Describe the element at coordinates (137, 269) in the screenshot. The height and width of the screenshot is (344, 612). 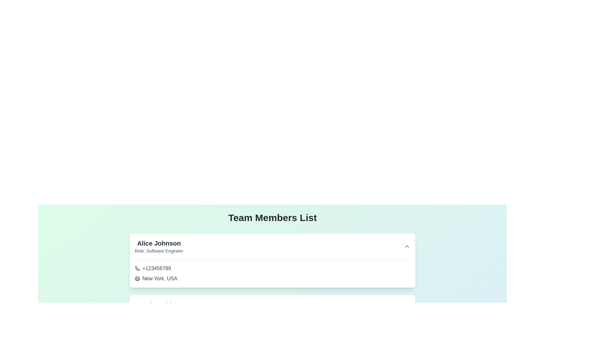
I see `the phone icon located in the upper section of the contact card, immediately to the left of the phone number '+123456789'` at that location.